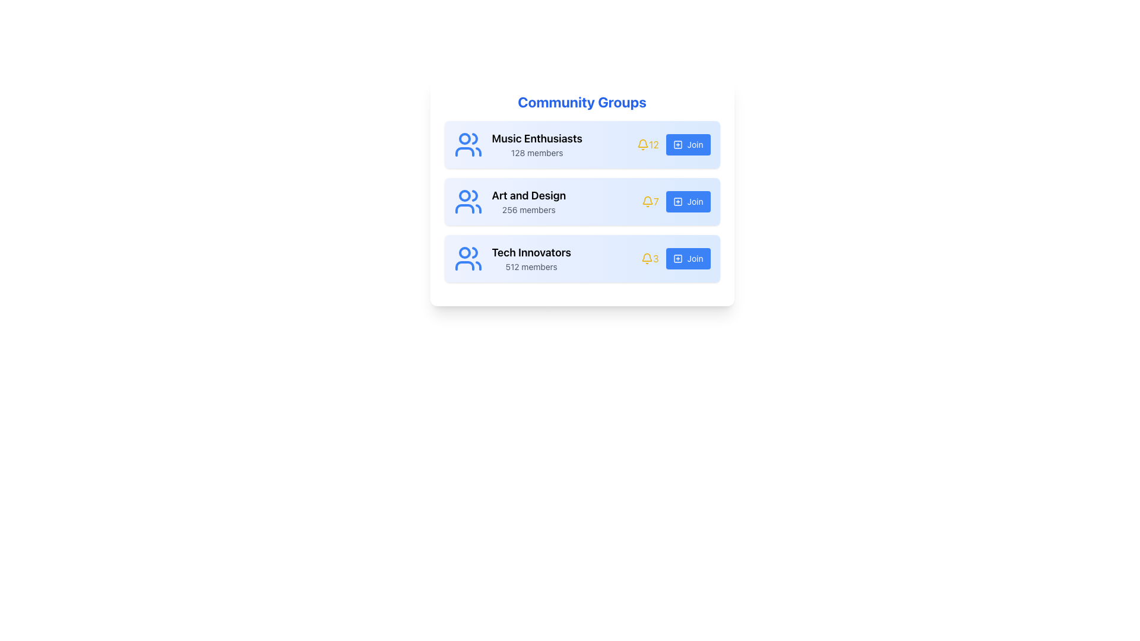 The image size is (1140, 641). I want to click on the text label displaying '256 members' located below the title 'Art and Design' in the community groups section, so click(528, 210).